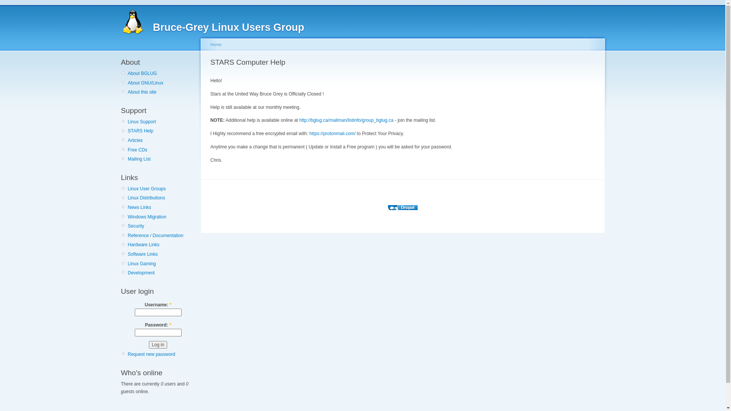 This screenshot has height=411, width=731. Describe the element at coordinates (402, 207) in the screenshot. I see `'Powered by Drupal, an open source content management system'` at that location.